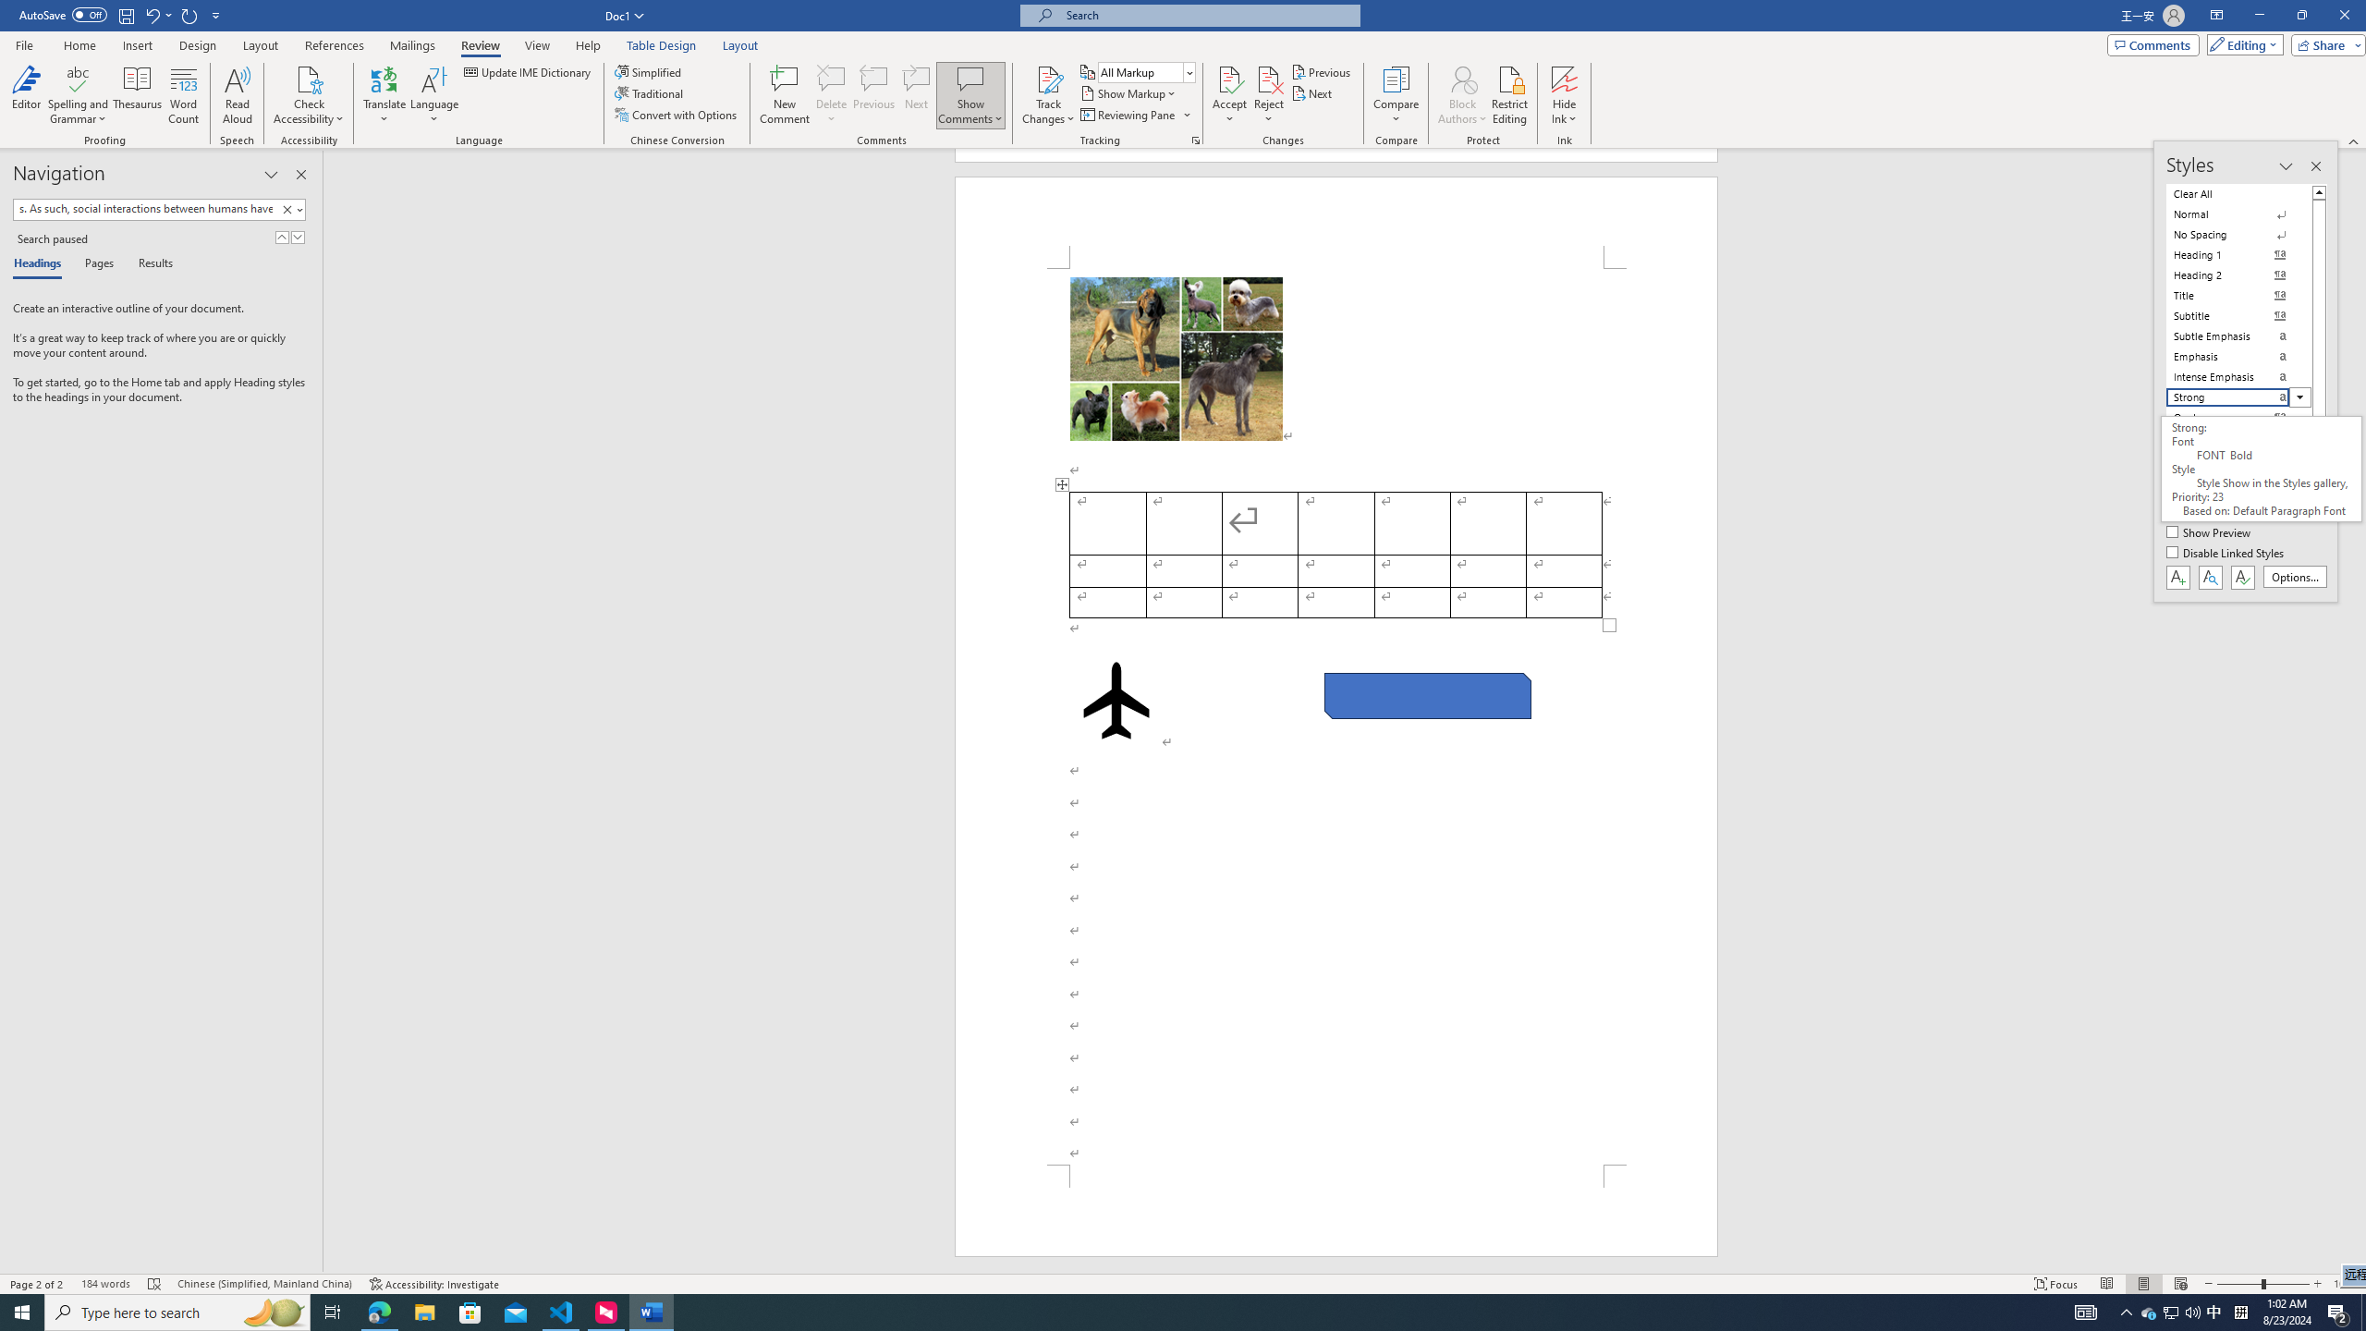 This screenshot has height=1331, width=2366. Describe the element at coordinates (1336, 715) in the screenshot. I see `'Page 2 content'` at that location.